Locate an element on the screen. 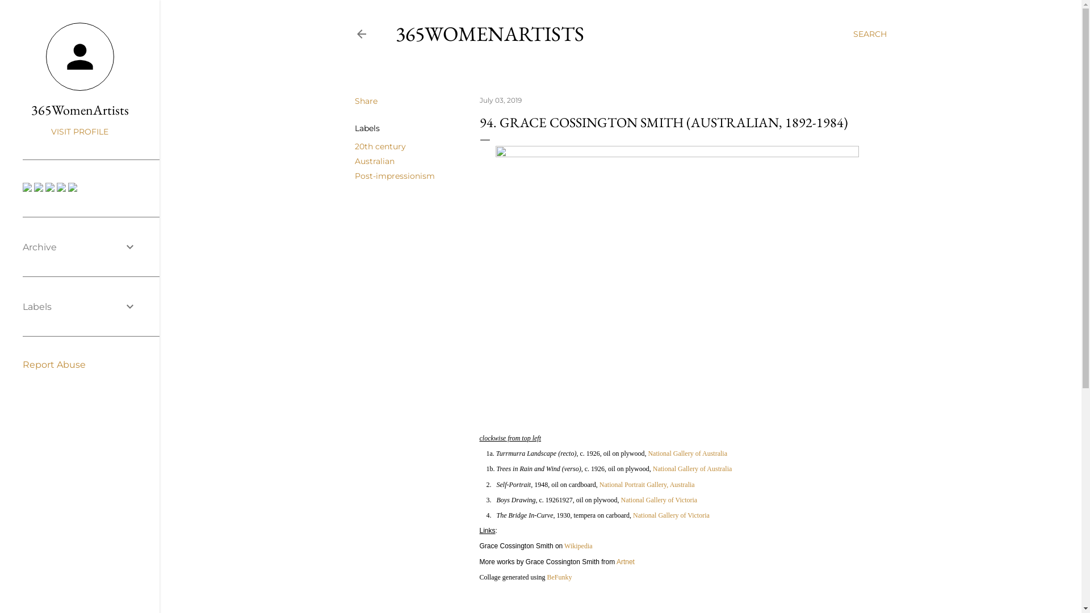 Image resolution: width=1090 pixels, height=613 pixels. 'National Gallery of Victoria' is located at coordinates (671, 515).